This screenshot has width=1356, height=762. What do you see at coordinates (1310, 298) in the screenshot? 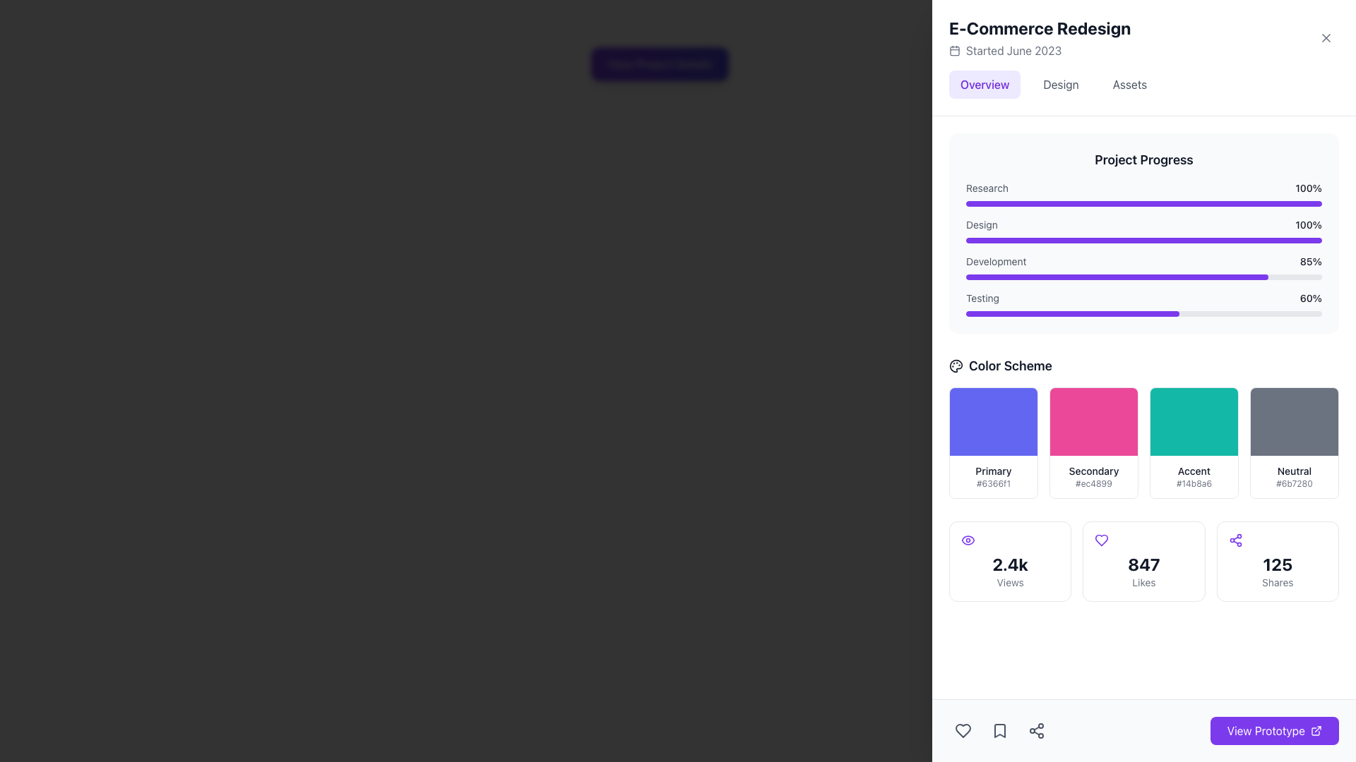
I see `text value '60%' displayed in a gray-black font adjacent to the 'Testing' progress bar in the Project Progress section` at bounding box center [1310, 298].